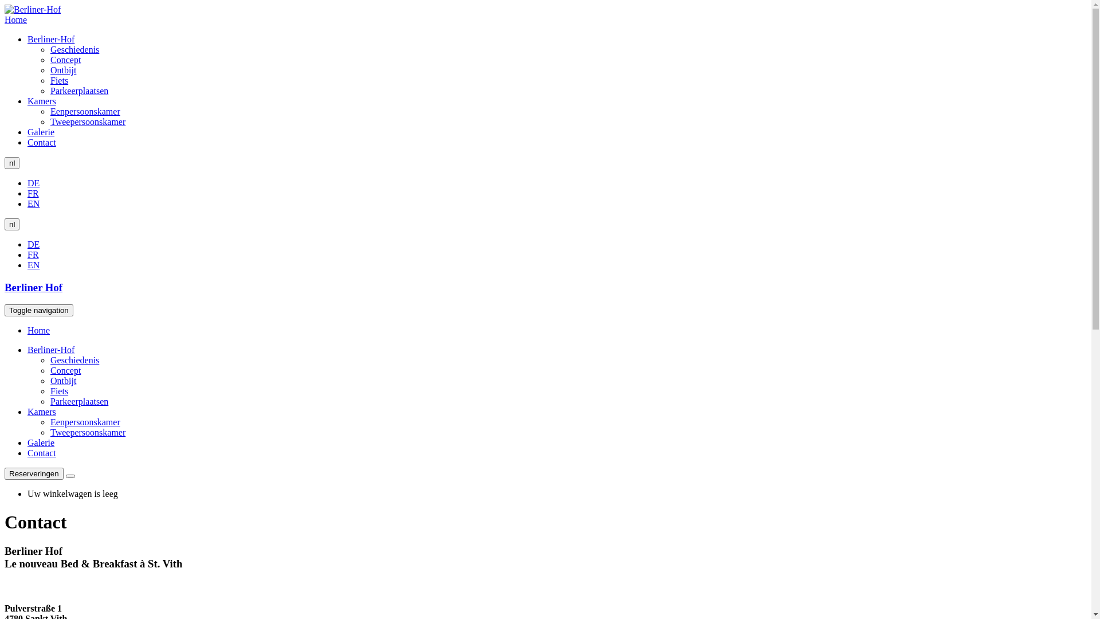  Describe the element at coordinates (38, 310) in the screenshot. I see `'Toggle navigation'` at that location.